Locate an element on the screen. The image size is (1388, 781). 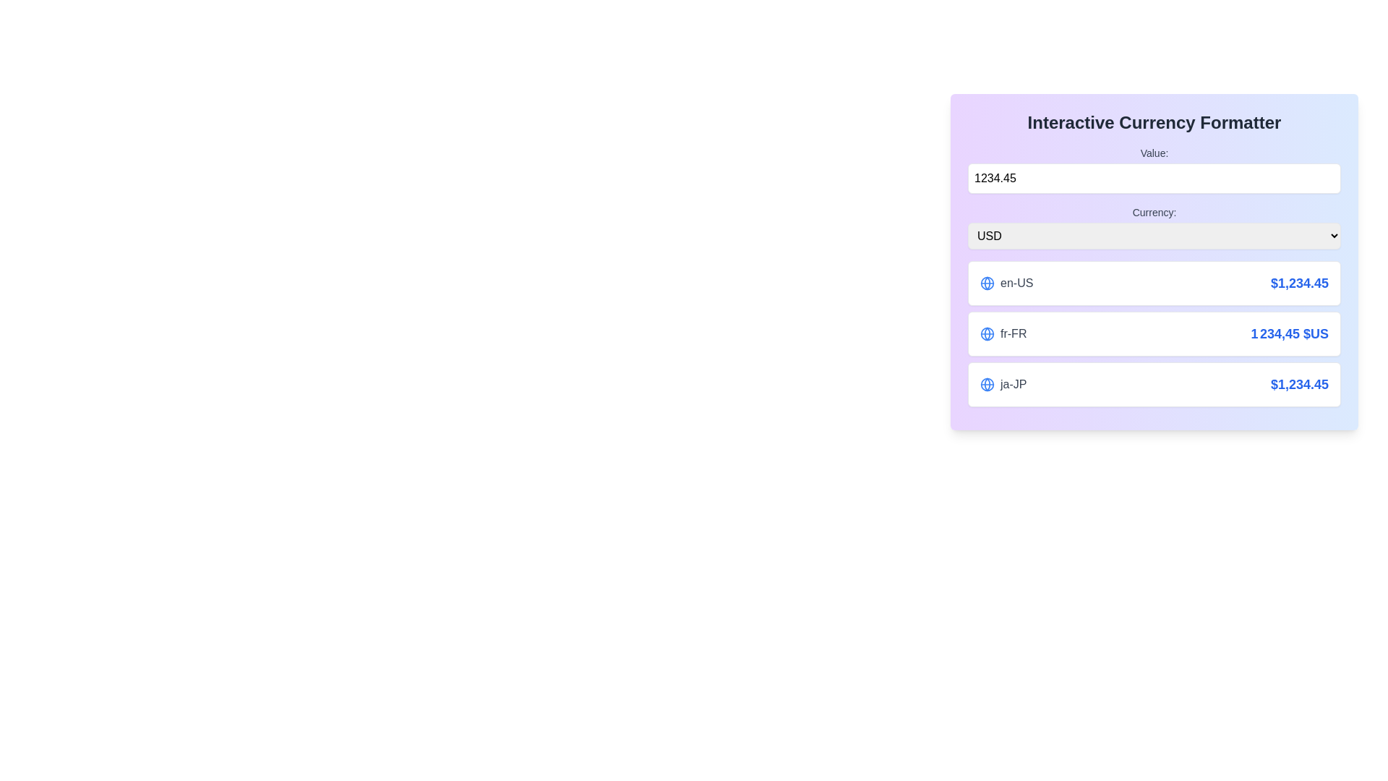
the text label displaying the monetary value '$1,234.45', styled in blue color with a bold font, located in the bottom-right section of the interface is located at coordinates (1299, 384).